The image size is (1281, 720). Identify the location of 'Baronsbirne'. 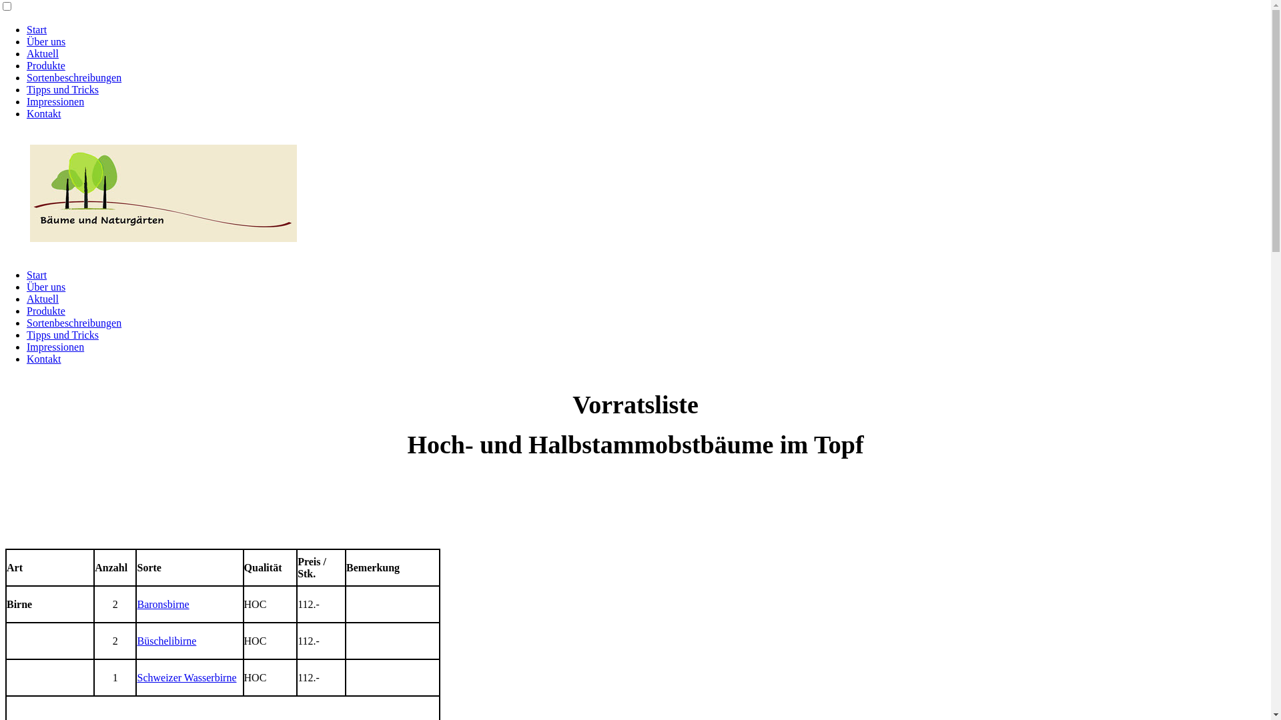
(162, 604).